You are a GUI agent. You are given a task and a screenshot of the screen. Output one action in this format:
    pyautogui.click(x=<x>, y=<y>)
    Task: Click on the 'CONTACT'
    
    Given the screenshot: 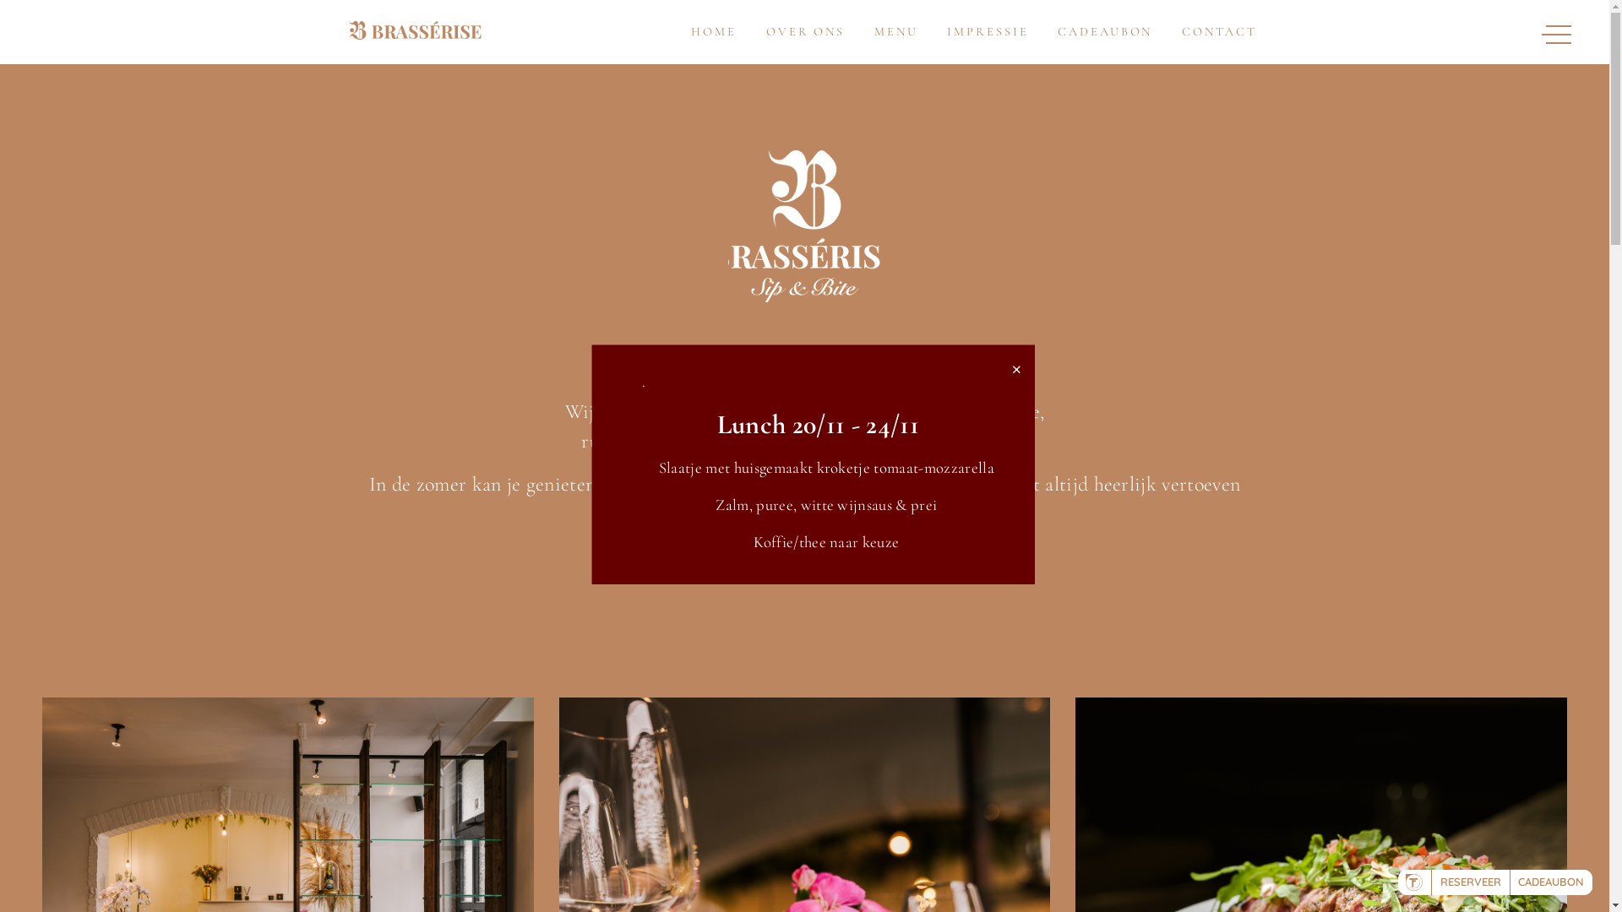 What is the action you would take?
    pyautogui.click(x=1219, y=32)
    